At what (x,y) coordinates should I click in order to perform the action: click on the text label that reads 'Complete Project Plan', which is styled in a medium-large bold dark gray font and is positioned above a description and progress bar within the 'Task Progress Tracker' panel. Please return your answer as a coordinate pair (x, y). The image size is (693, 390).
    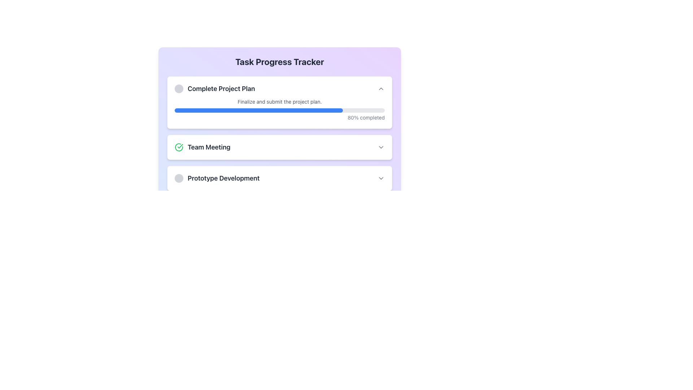
    Looking at the image, I should click on (221, 88).